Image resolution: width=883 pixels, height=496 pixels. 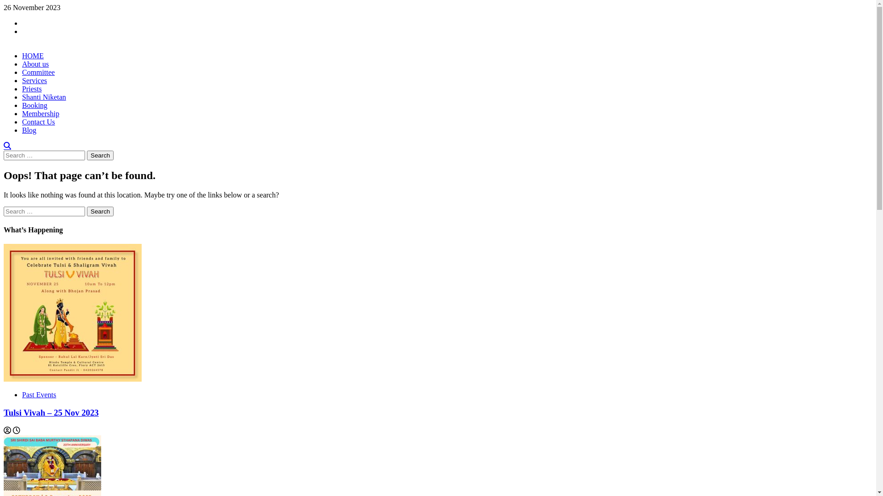 What do you see at coordinates (44, 97) in the screenshot?
I see `'Shanti Niketan'` at bounding box center [44, 97].